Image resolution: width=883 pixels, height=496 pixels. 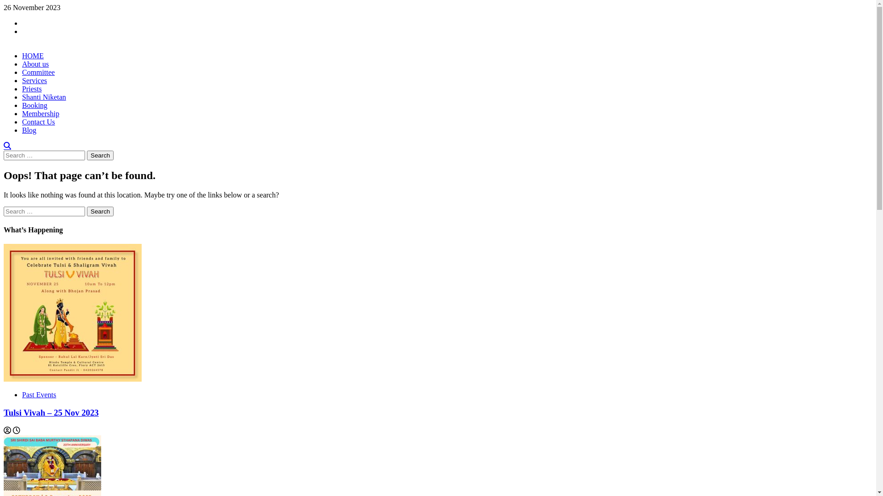 What do you see at coordinates (44, 97) in the screenshot?
I see `'Shanti Niketan'` at bounding box center [44, 97].